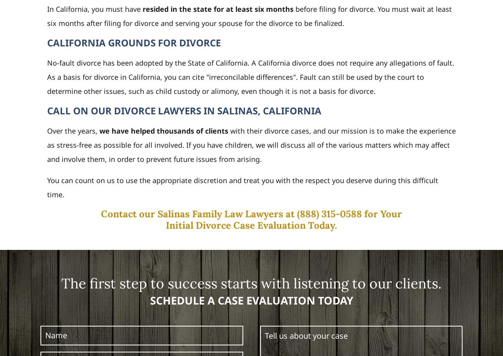 This screenshot has height=356, width=503. What do you see at coordinates (242, 187) in the screenshot?
I see `'You can count on us to use the appropriate discretion and treat you with
	 the respect you deserve during this difficult time.'` at bounding box center [242, 187].